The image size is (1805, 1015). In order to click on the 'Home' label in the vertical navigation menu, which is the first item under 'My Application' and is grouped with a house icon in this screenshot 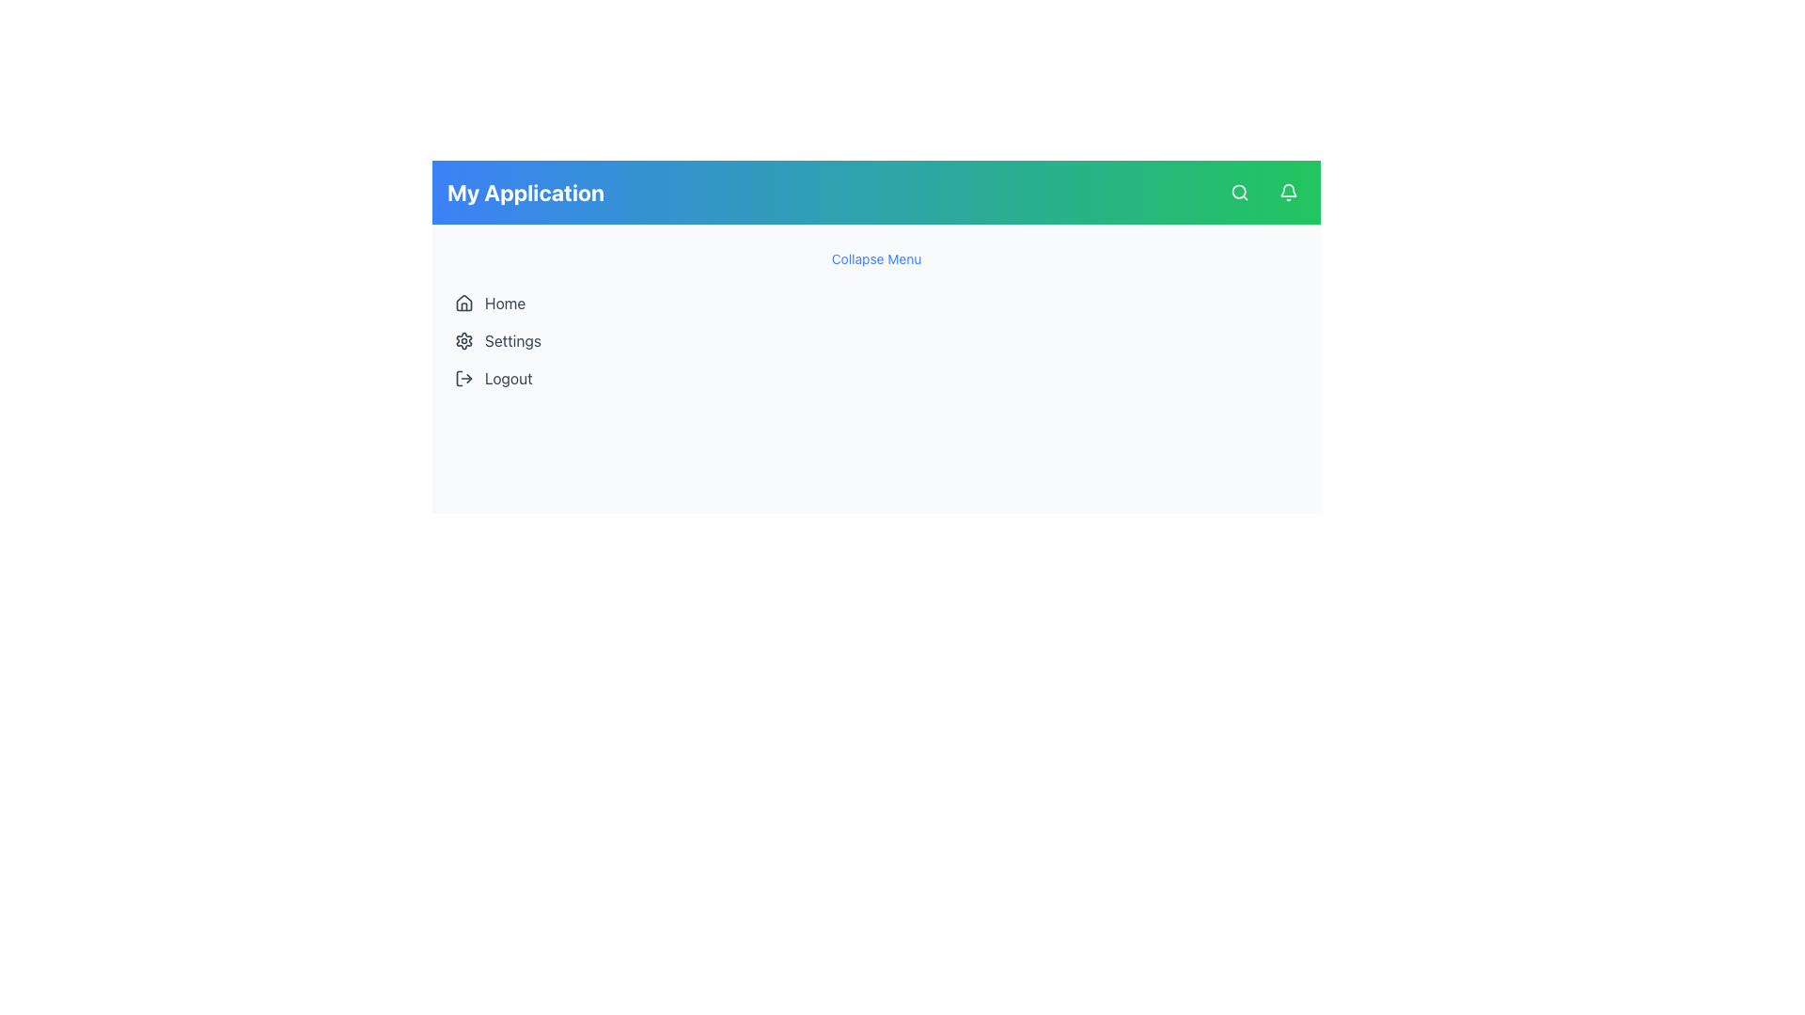, I will do `click(505, 303)`.